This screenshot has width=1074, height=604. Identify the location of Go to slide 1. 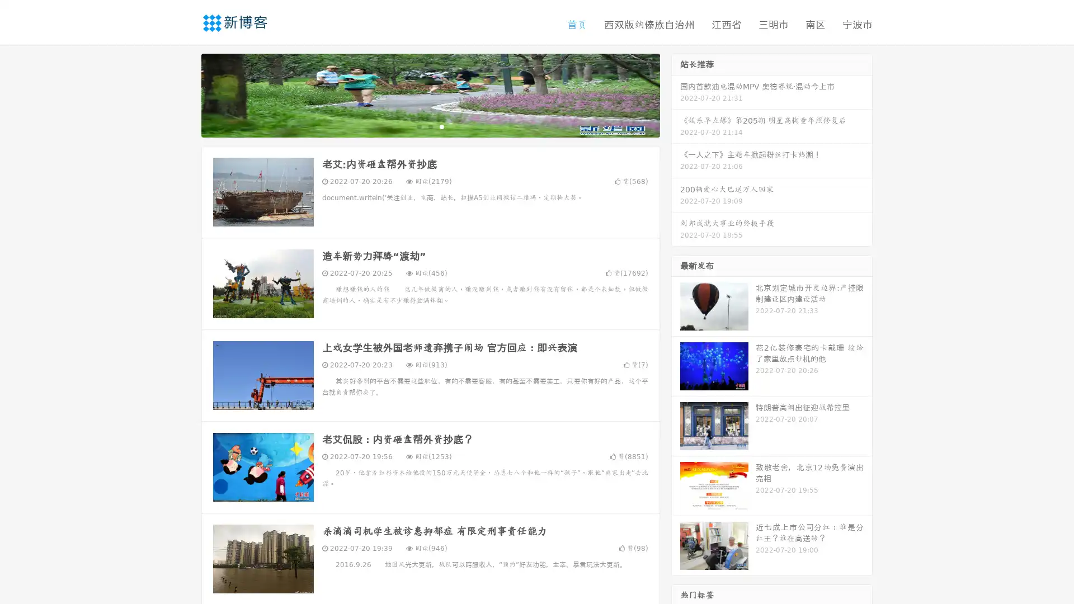
(418, 126).